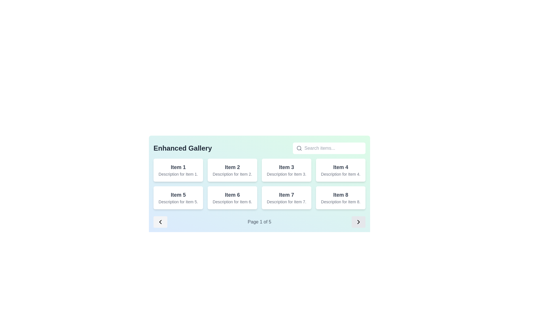 The height and width of the screenshot is (311, 553). I want to click on the non-interactive text label providing additional information about 'Item 4', located directly below the title text within the card structure, so click(340, 174).